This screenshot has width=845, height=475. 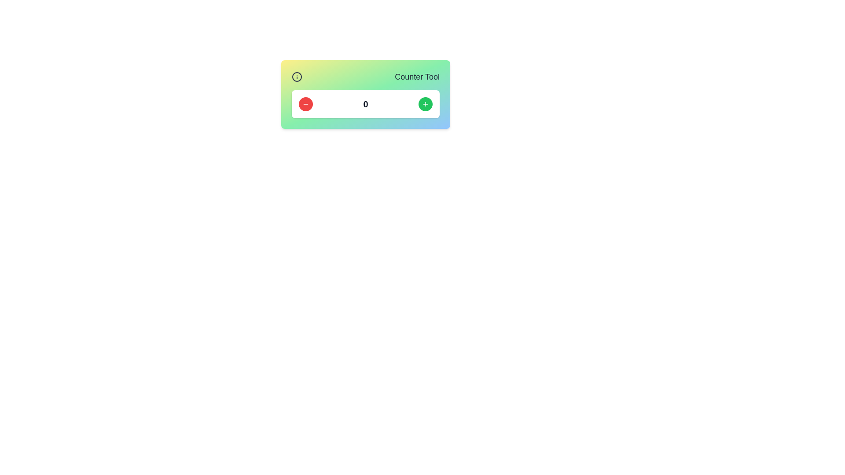 I want to click on the button used to decrease the counter value, located on the left side of the counter interface, to change its background color, so click(x=306, y=103).